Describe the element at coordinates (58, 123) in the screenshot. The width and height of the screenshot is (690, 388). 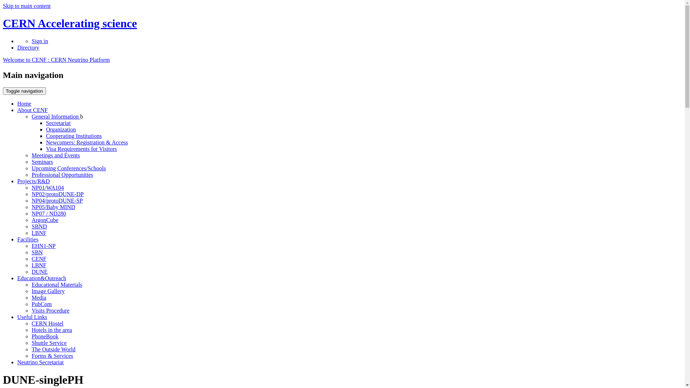
I see `'Secretariat'` at that location.